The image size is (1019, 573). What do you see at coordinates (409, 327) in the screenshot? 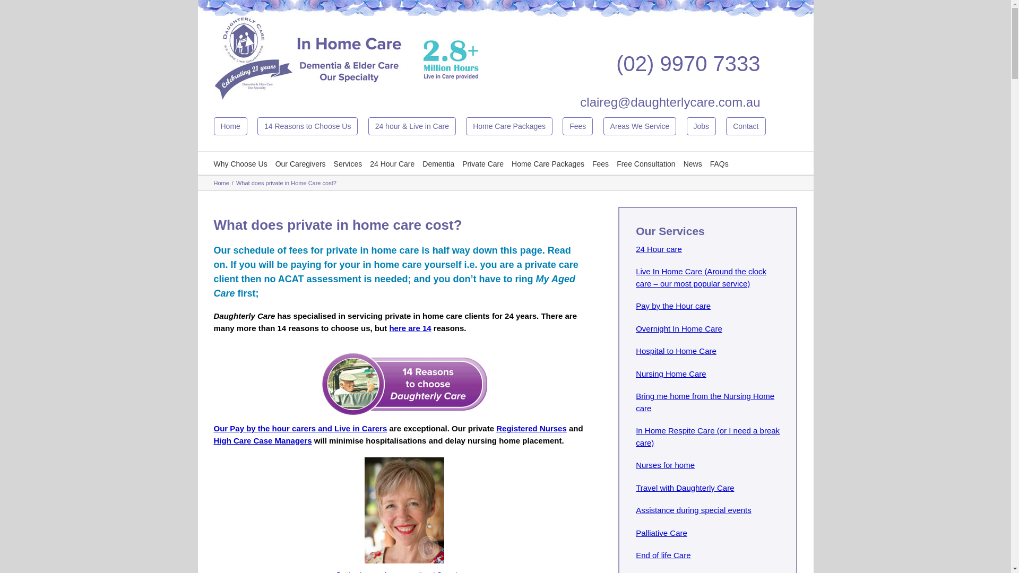
I see `'here are 14'` at bounding box center [409, 327].